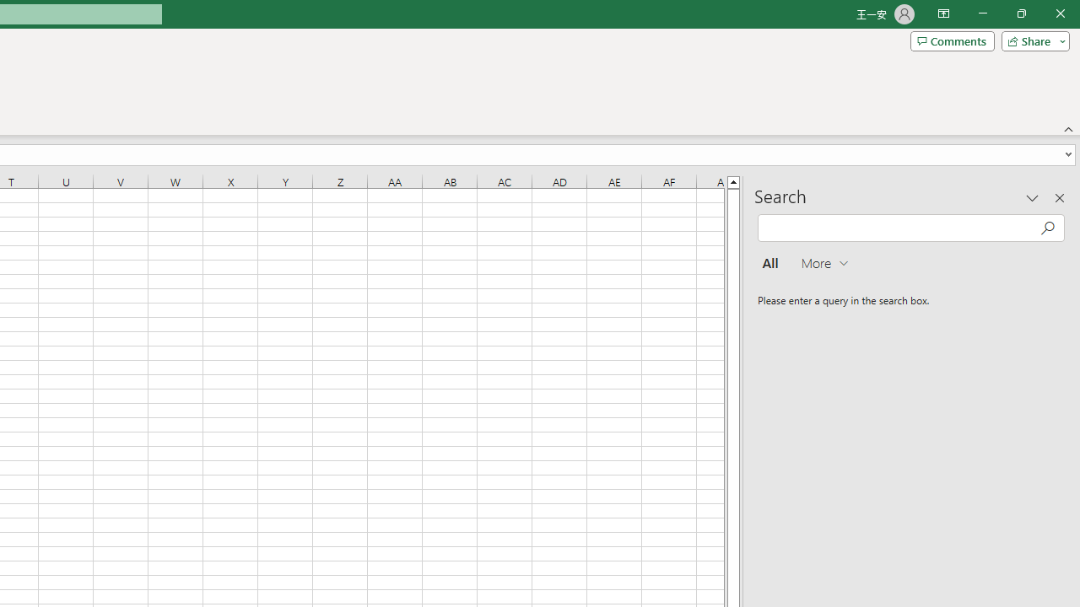 The image size is (1080, 607). I want to click on 'Share', so click(1031, 40).